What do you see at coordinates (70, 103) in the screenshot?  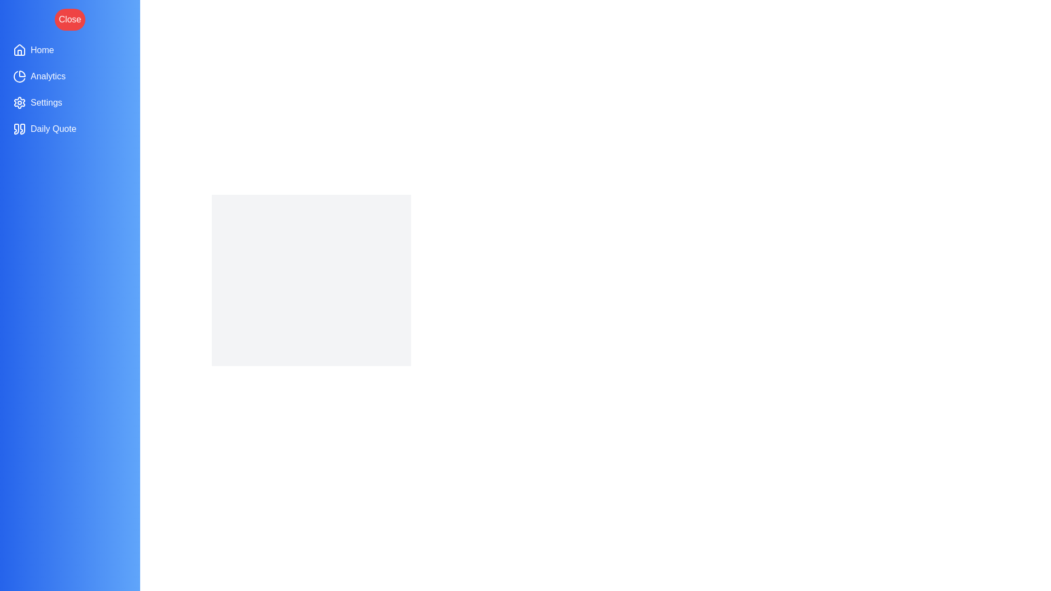 I see `the menu item labeled Settings` at bounding box center [70, 103].